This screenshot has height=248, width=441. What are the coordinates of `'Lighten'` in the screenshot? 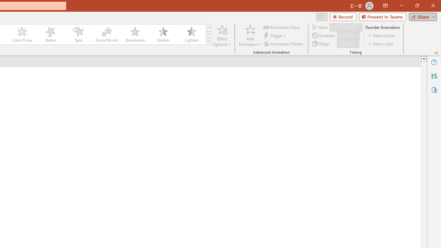 It's located at (191, 34).